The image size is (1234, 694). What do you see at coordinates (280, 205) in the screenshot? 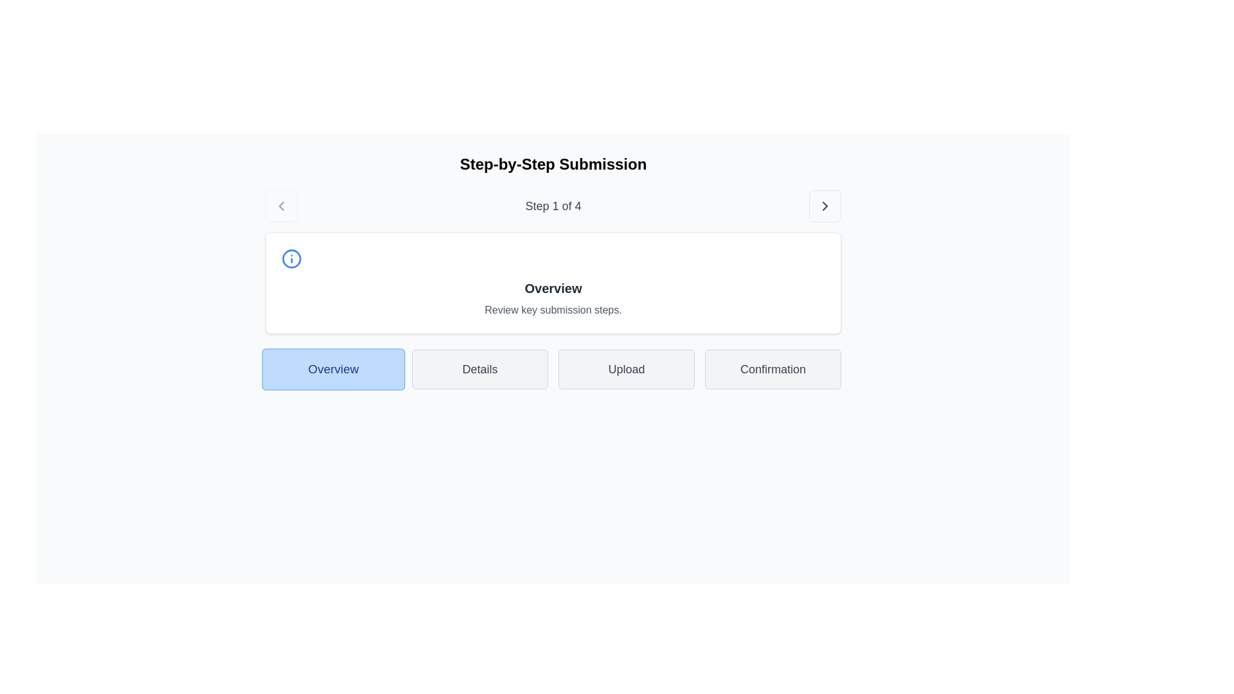
I see `the backward navigation button located on the left side of the header section labeled 'Step 1 of 4'` at bounding box center [280, 205].